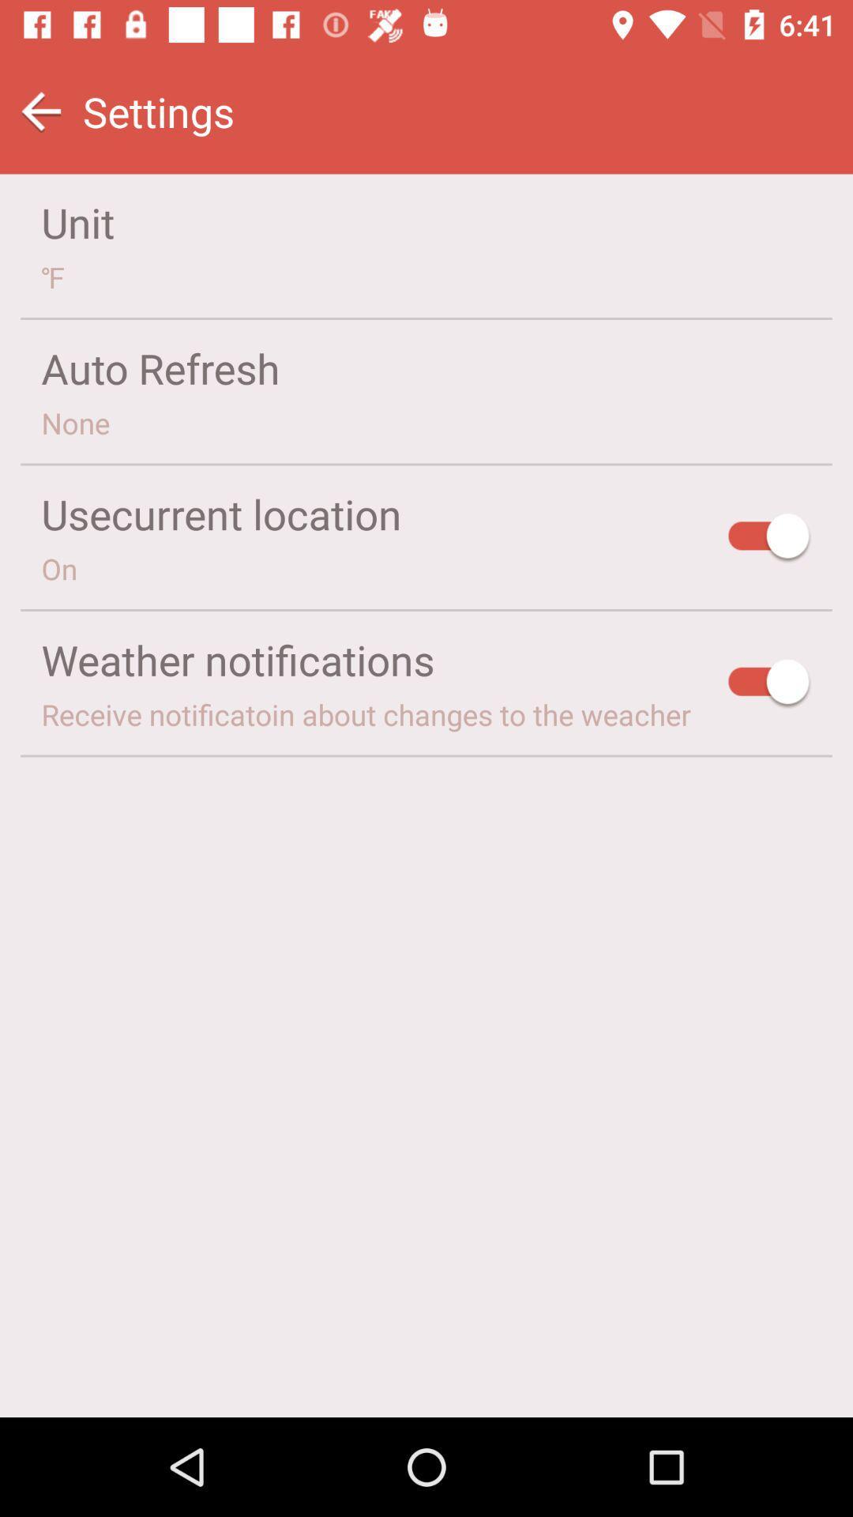 The width and height of the screenshot is (853, 1517). Describe the element at coordinates (40, 111) in the screenshot. I see `icon above the unit item` at that location.